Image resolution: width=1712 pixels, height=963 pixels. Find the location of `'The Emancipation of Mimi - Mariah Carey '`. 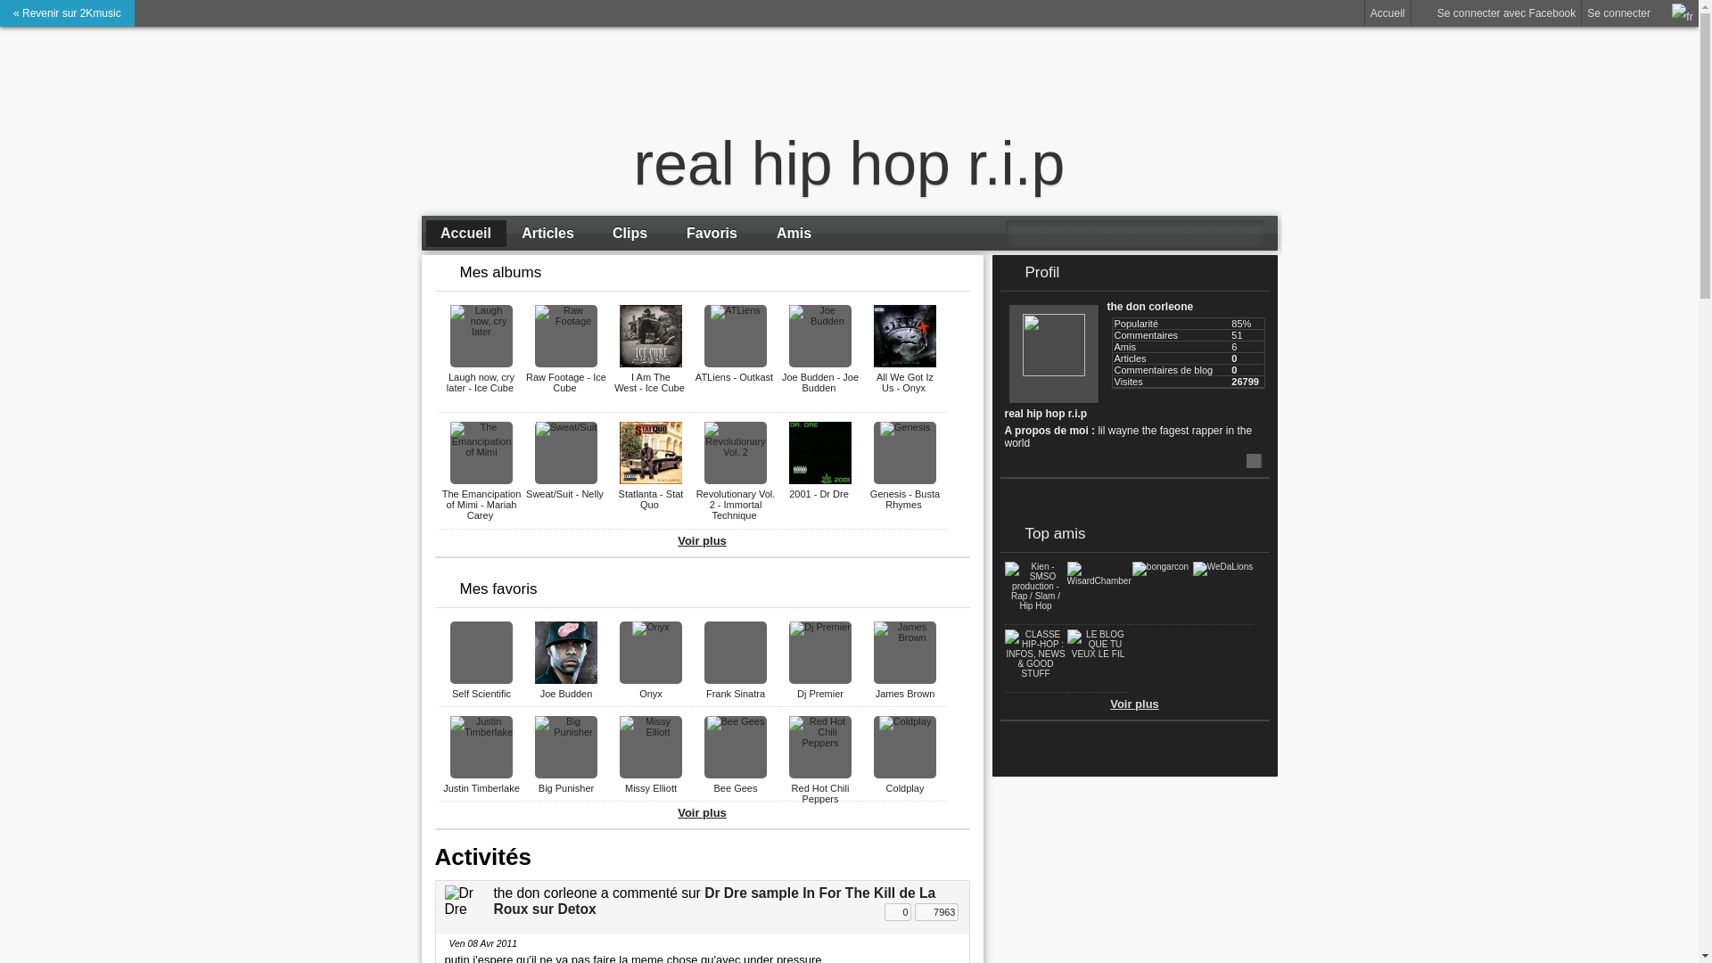

'The Emancipation of Mimi - Mariah Carey ' is located at coordinates (481, 505).